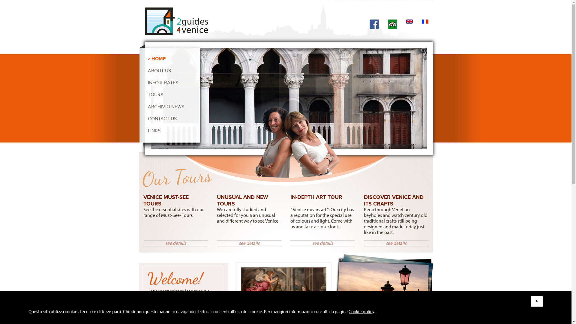 The height and width of the screenshot is (324, 576). I want to click on 'CONTACT US', so click(162, 119).